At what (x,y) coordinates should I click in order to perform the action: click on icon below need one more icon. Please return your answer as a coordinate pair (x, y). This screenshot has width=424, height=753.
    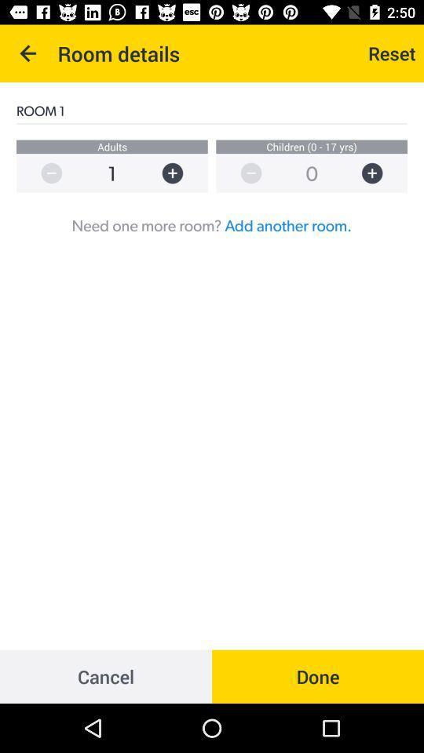
    Looking at the image, I should click on (106, 675).